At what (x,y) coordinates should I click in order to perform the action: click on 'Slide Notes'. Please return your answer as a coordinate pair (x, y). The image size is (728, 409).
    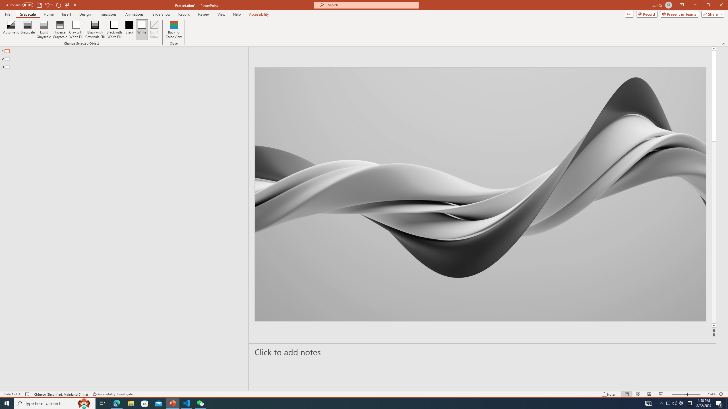
    Looking at the image, I should click on (483, 352).